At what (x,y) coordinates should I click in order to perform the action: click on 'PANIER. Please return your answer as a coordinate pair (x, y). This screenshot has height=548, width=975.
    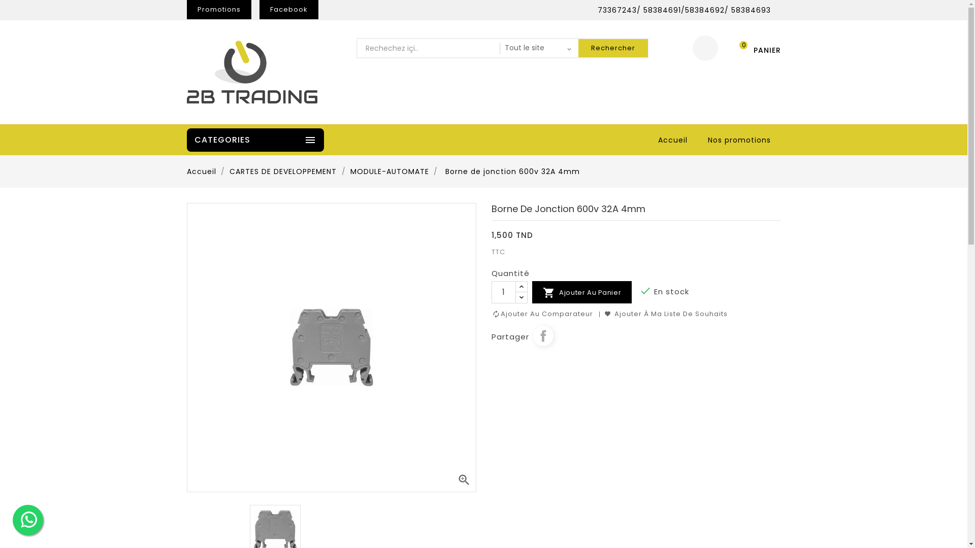
    Looking at the image, I should click on (755, 48).